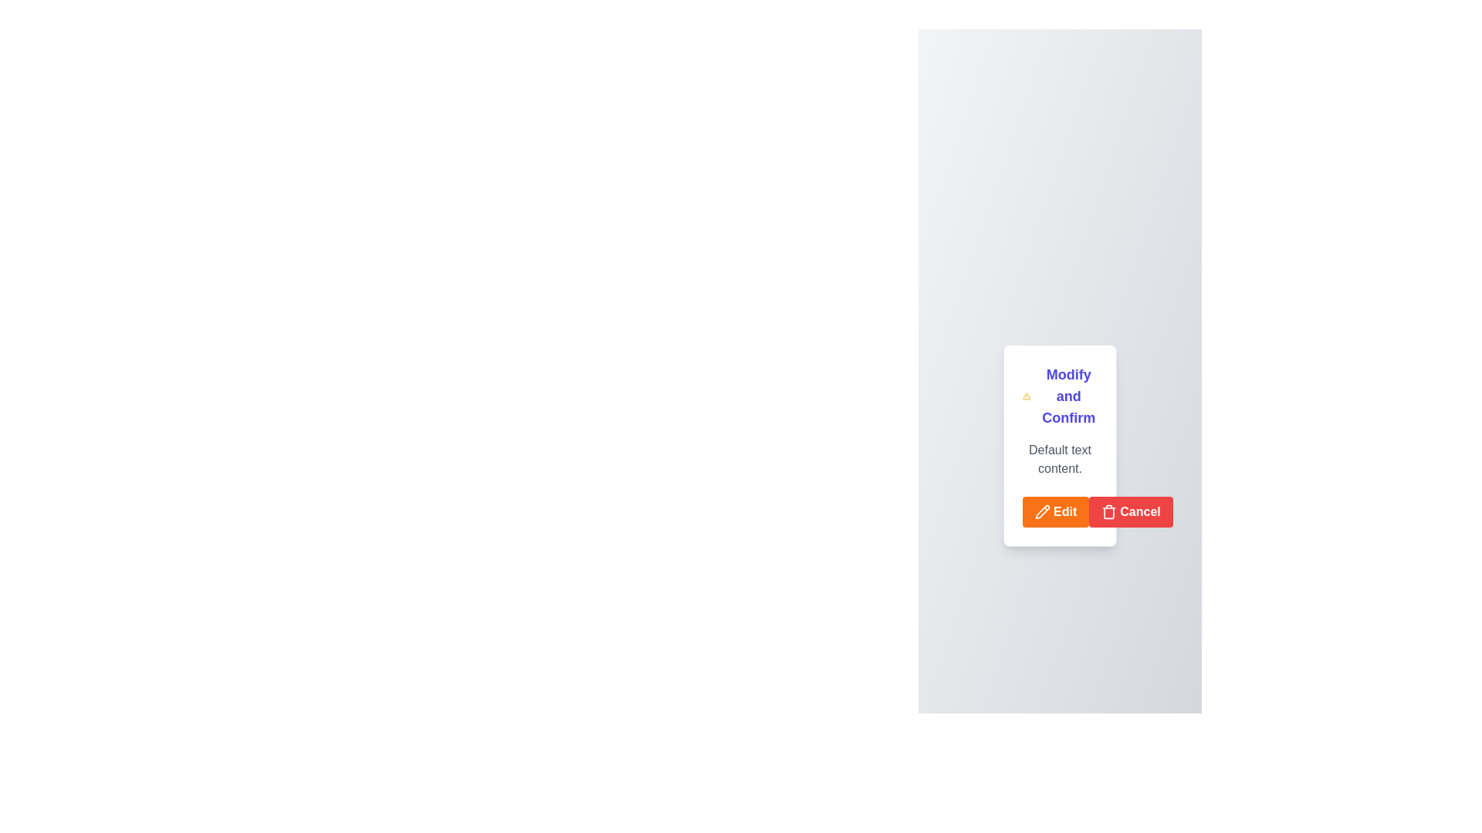 The width and height of the screenshot is (1482, 833). What do you see at coordinates (1055, 511) in the screenshot?
I see `the edit button located below the main informational content and to the left of the 'Cancel' button` at bounding box center [1055, 511].